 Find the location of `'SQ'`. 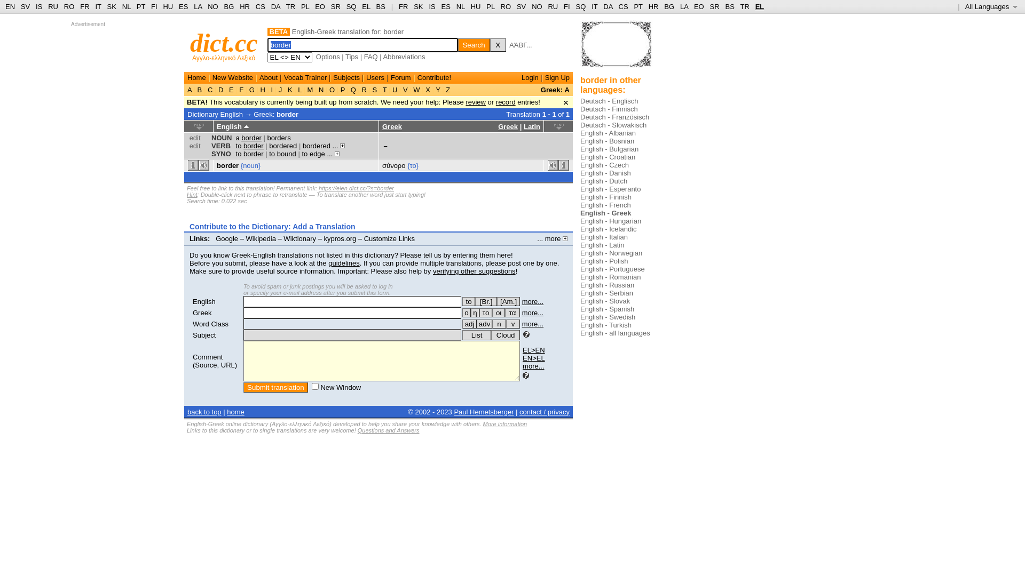

'SQ' is located at coordinates (351, 6).